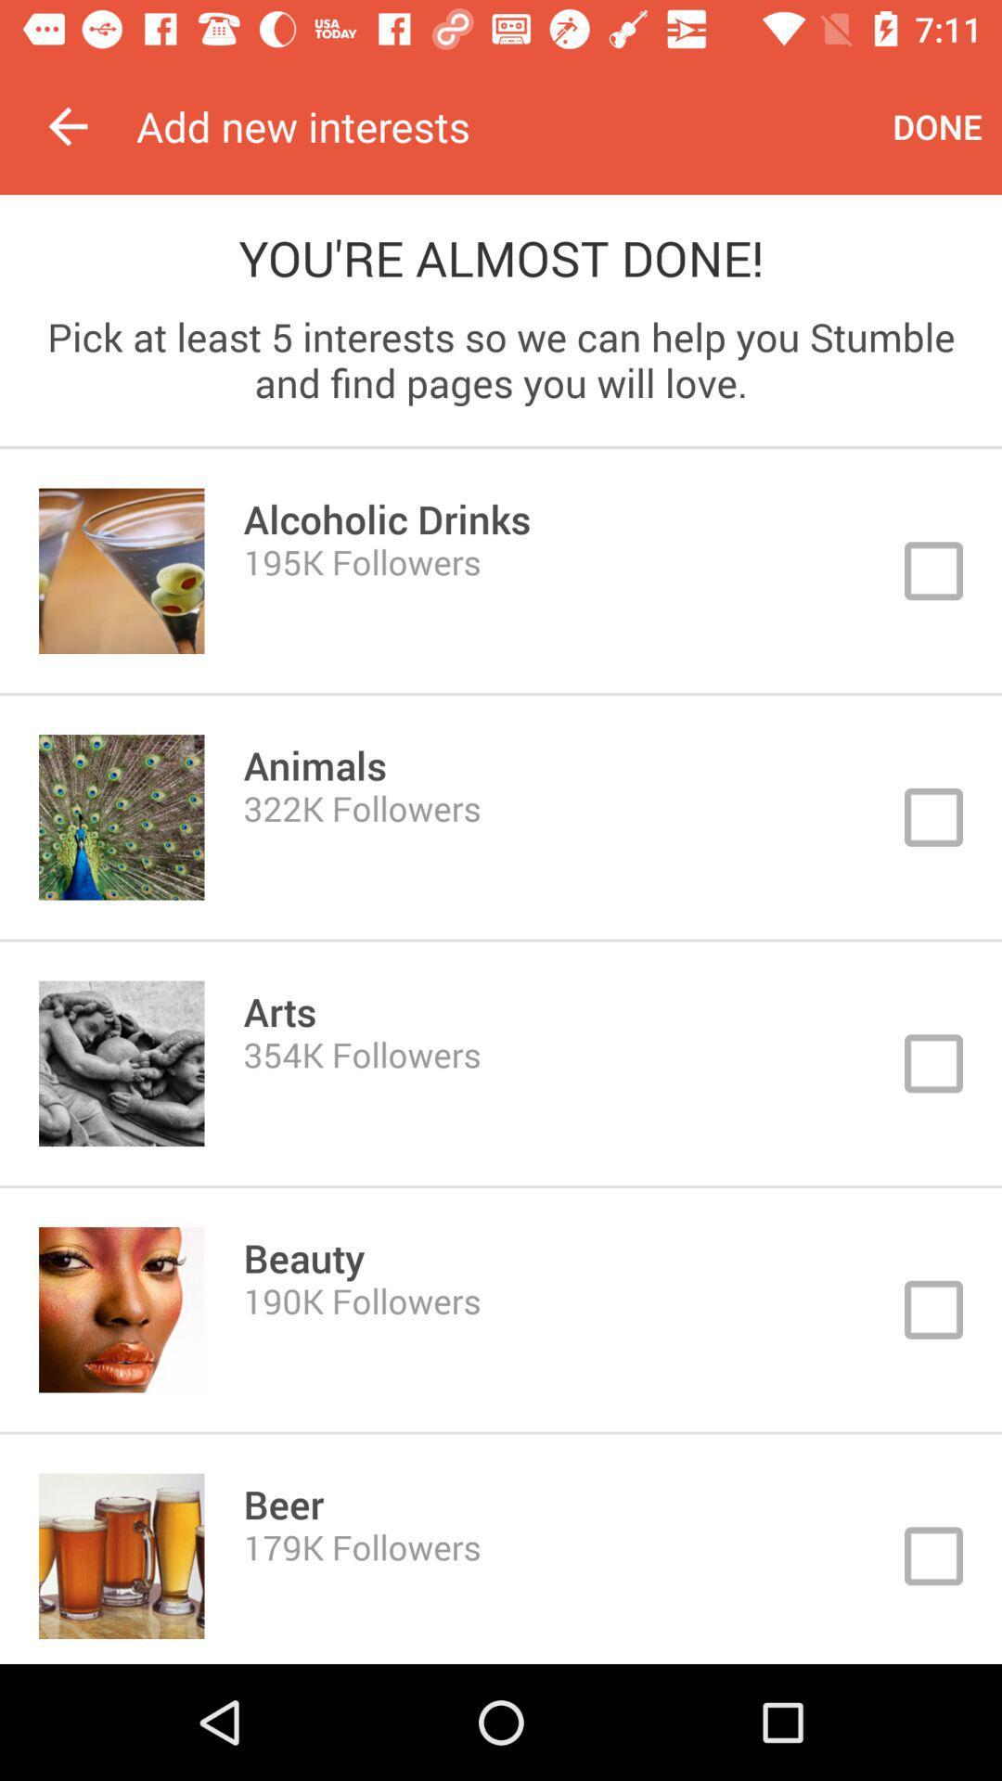  What do you see at coordinates (67, 125) in the screenshot?
I see `icon above the no data icon` at bounding box center [67, 125].